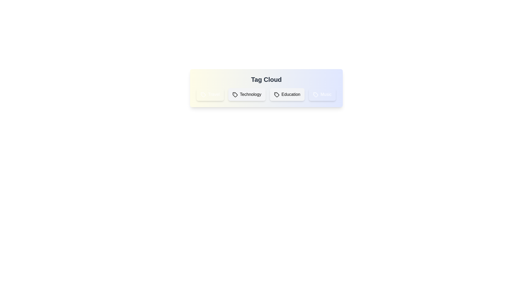 The height and width of the screenshot is (286, 509). Describe the element at coordinates (322, 94) in the screenshot. I see `the tag Music` at that location.